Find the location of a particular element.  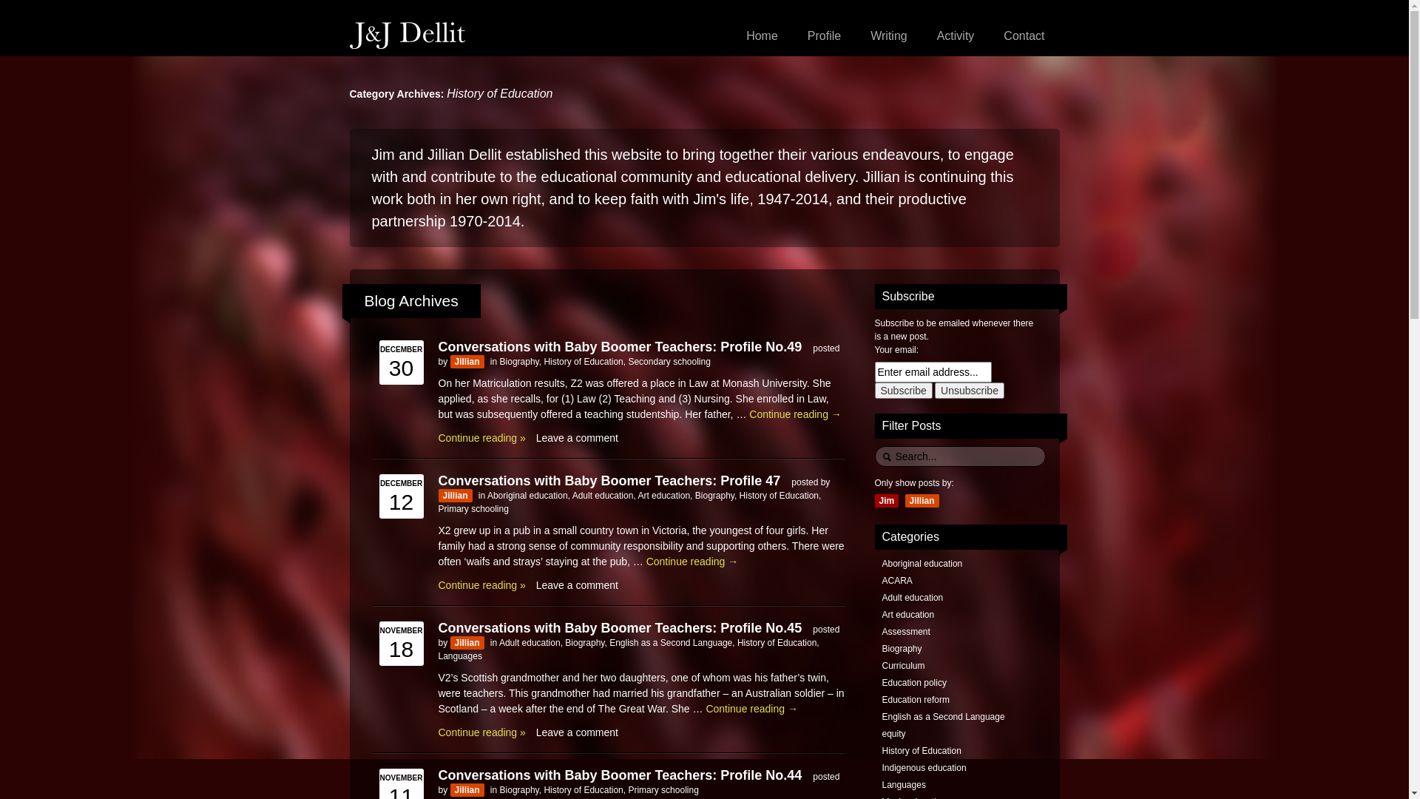

'equity' is located at coordinates (881, 733).